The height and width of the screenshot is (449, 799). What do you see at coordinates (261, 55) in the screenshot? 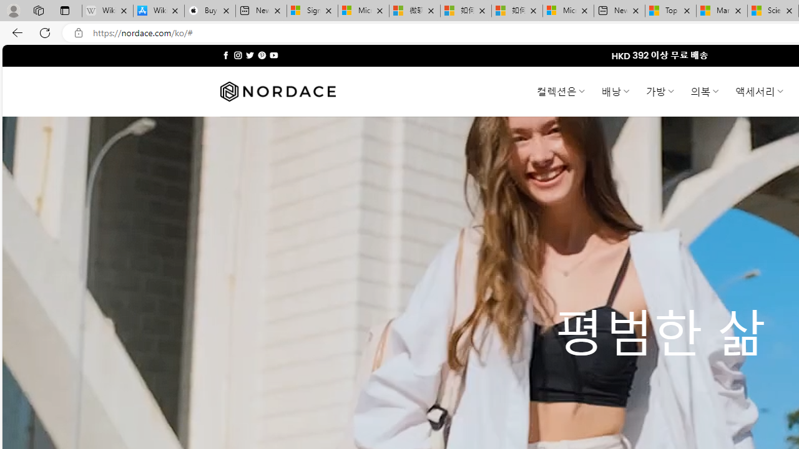
I see `'Follow on Pinterest'` at bounding box center [261, 55].